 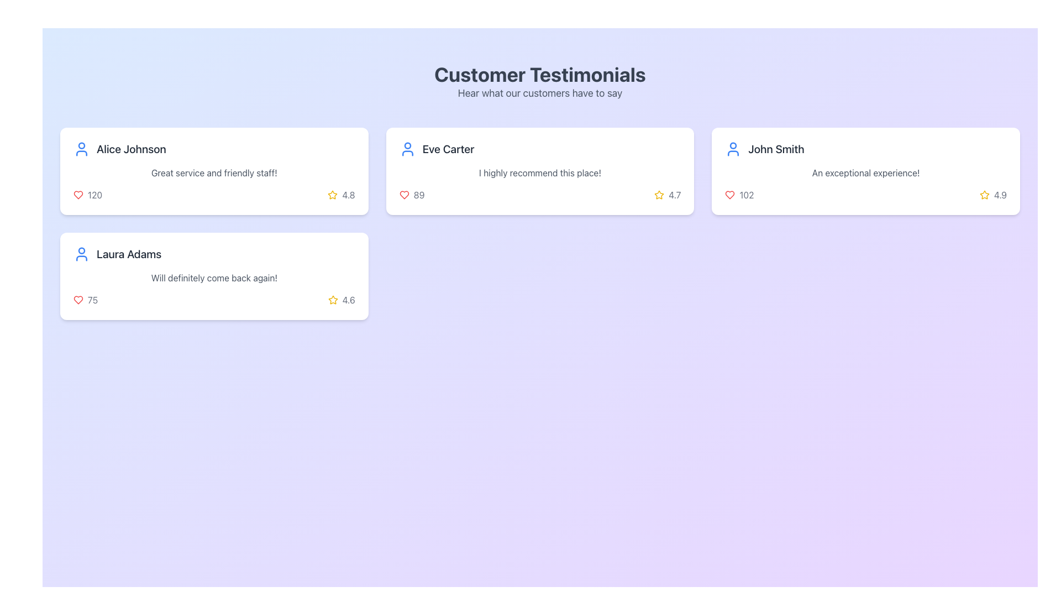 I want to click on the user feedback text positioned beneath the title 'Laura Adams' in the bottom-left card of a four-card grid layout, so click(x=214, y=277).